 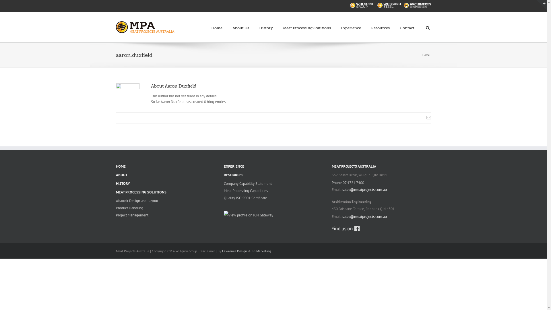 What do you see at coordinates (261, 251) in the screenshot?
I see `'SBIMarketing'` at bounding box center [261, 251].